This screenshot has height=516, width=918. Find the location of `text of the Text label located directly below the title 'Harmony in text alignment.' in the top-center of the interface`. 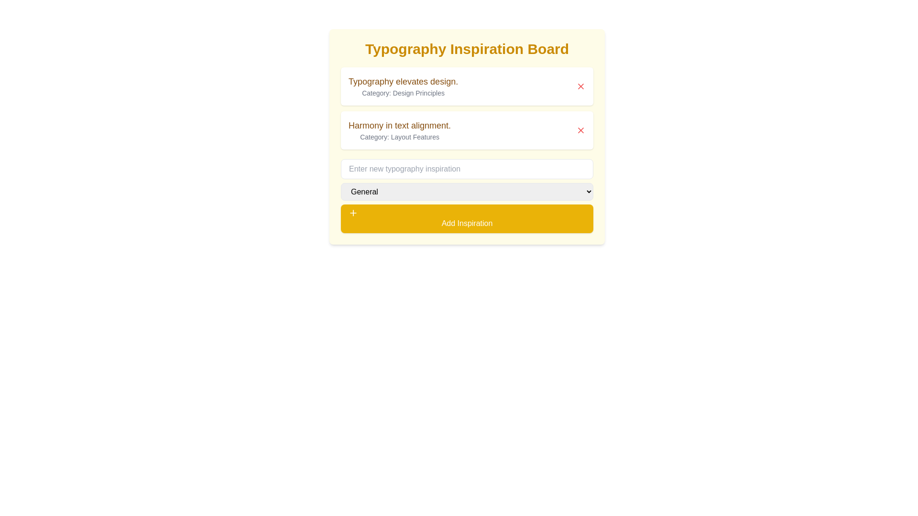

text of the Text label located directly below the title 'Harmony in text alignment.' in the top-center of the interface is located at coordinates (399, 137).